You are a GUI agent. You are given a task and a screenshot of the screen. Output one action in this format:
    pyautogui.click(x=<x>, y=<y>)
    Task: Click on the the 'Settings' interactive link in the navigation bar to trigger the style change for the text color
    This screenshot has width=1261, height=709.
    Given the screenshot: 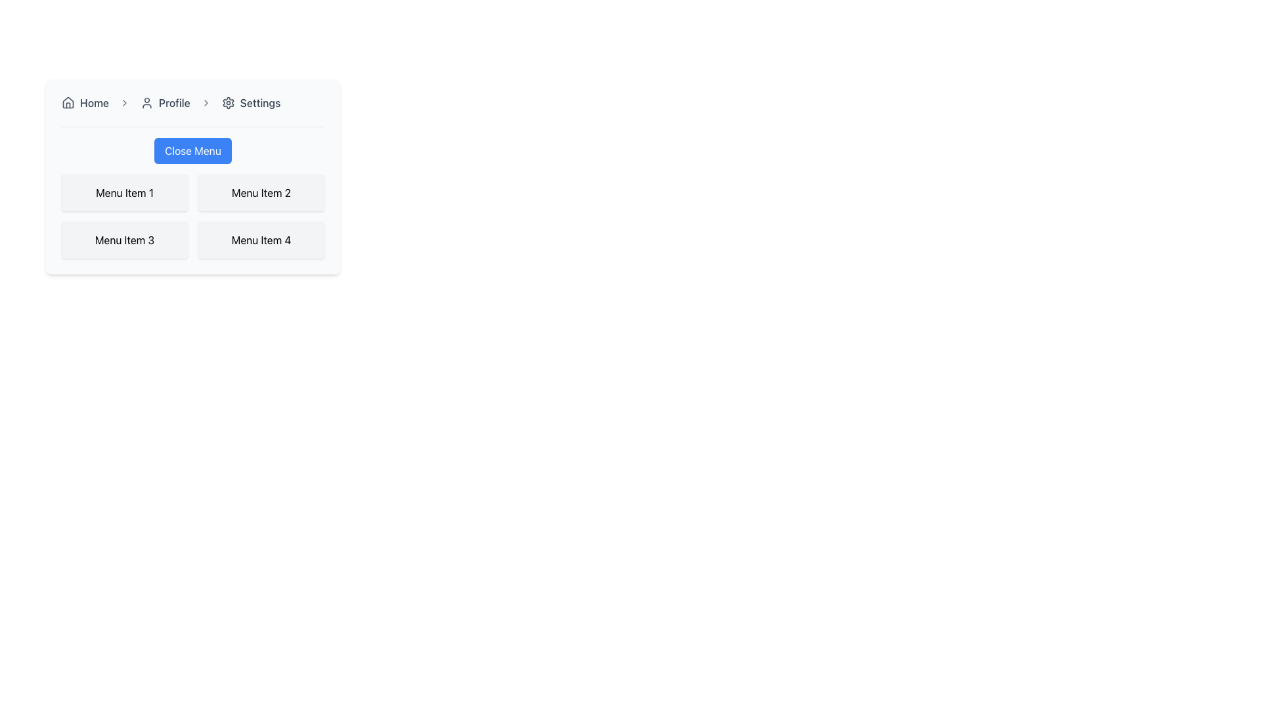 What is the action you would take?
    pyautogui.click(x=251, y=102)
    